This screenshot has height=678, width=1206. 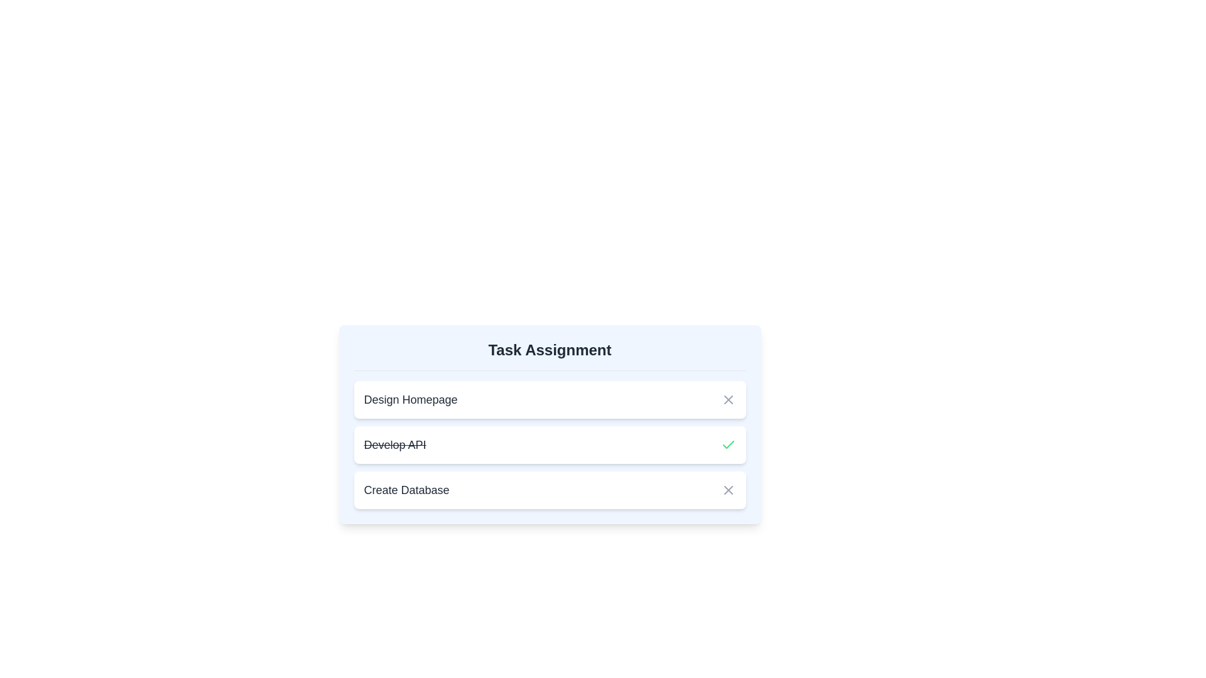 I want to click on the small 'X' icon button located to the far right of the 'Design Homepage' text within the 'Task Assignment' list for keyboard interaction, so click(x=728, y=399).